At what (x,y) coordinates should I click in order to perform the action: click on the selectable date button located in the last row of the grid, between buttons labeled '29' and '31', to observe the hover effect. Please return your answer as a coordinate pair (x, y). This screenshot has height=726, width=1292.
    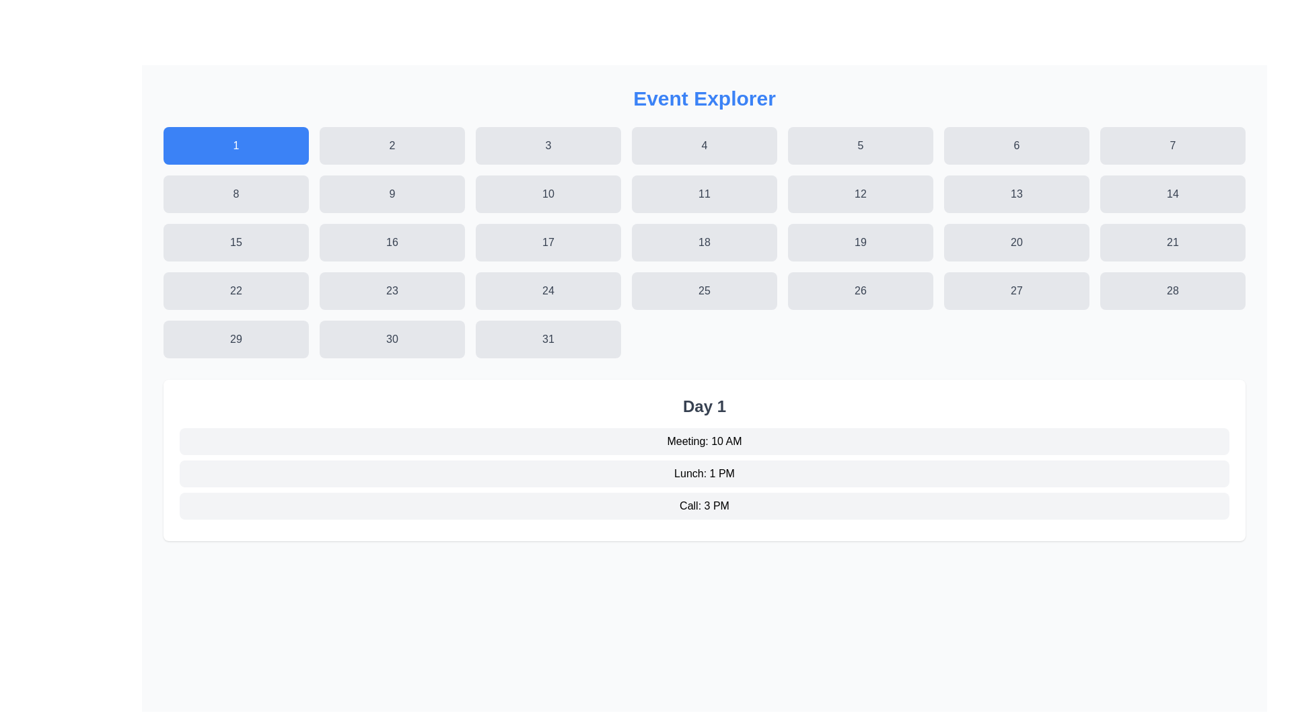
    Looking at the image, I should click on (391, 339).